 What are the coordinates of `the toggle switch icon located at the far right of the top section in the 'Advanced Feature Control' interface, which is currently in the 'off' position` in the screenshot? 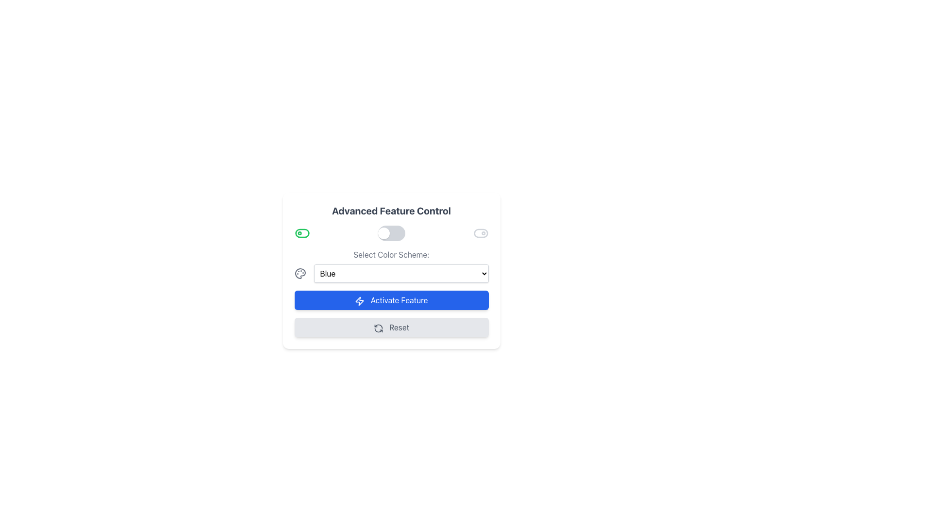 It's located at (481, 233).